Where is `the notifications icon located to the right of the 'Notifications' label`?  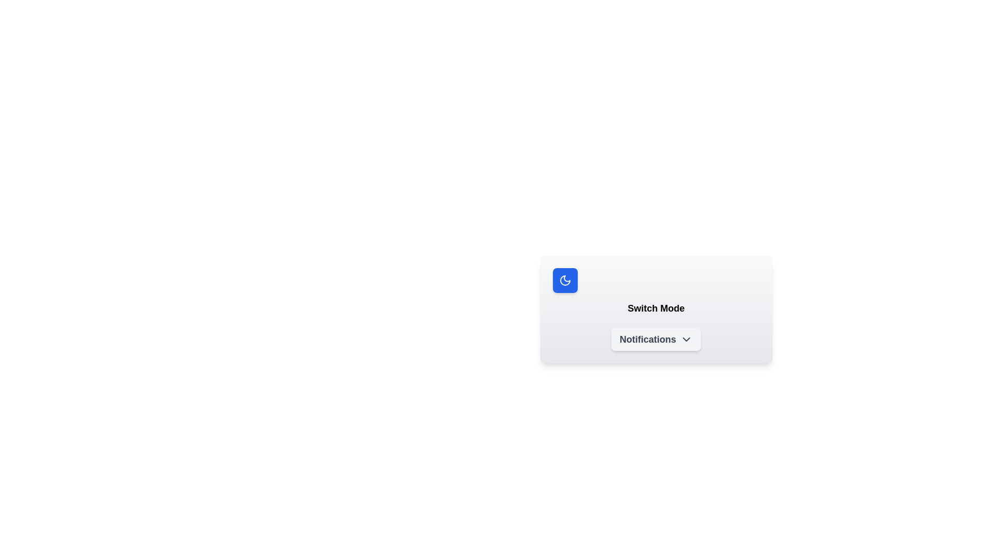
the notifications icon located to the right of the 'Notifications' label is located at coordinates (686, 339).